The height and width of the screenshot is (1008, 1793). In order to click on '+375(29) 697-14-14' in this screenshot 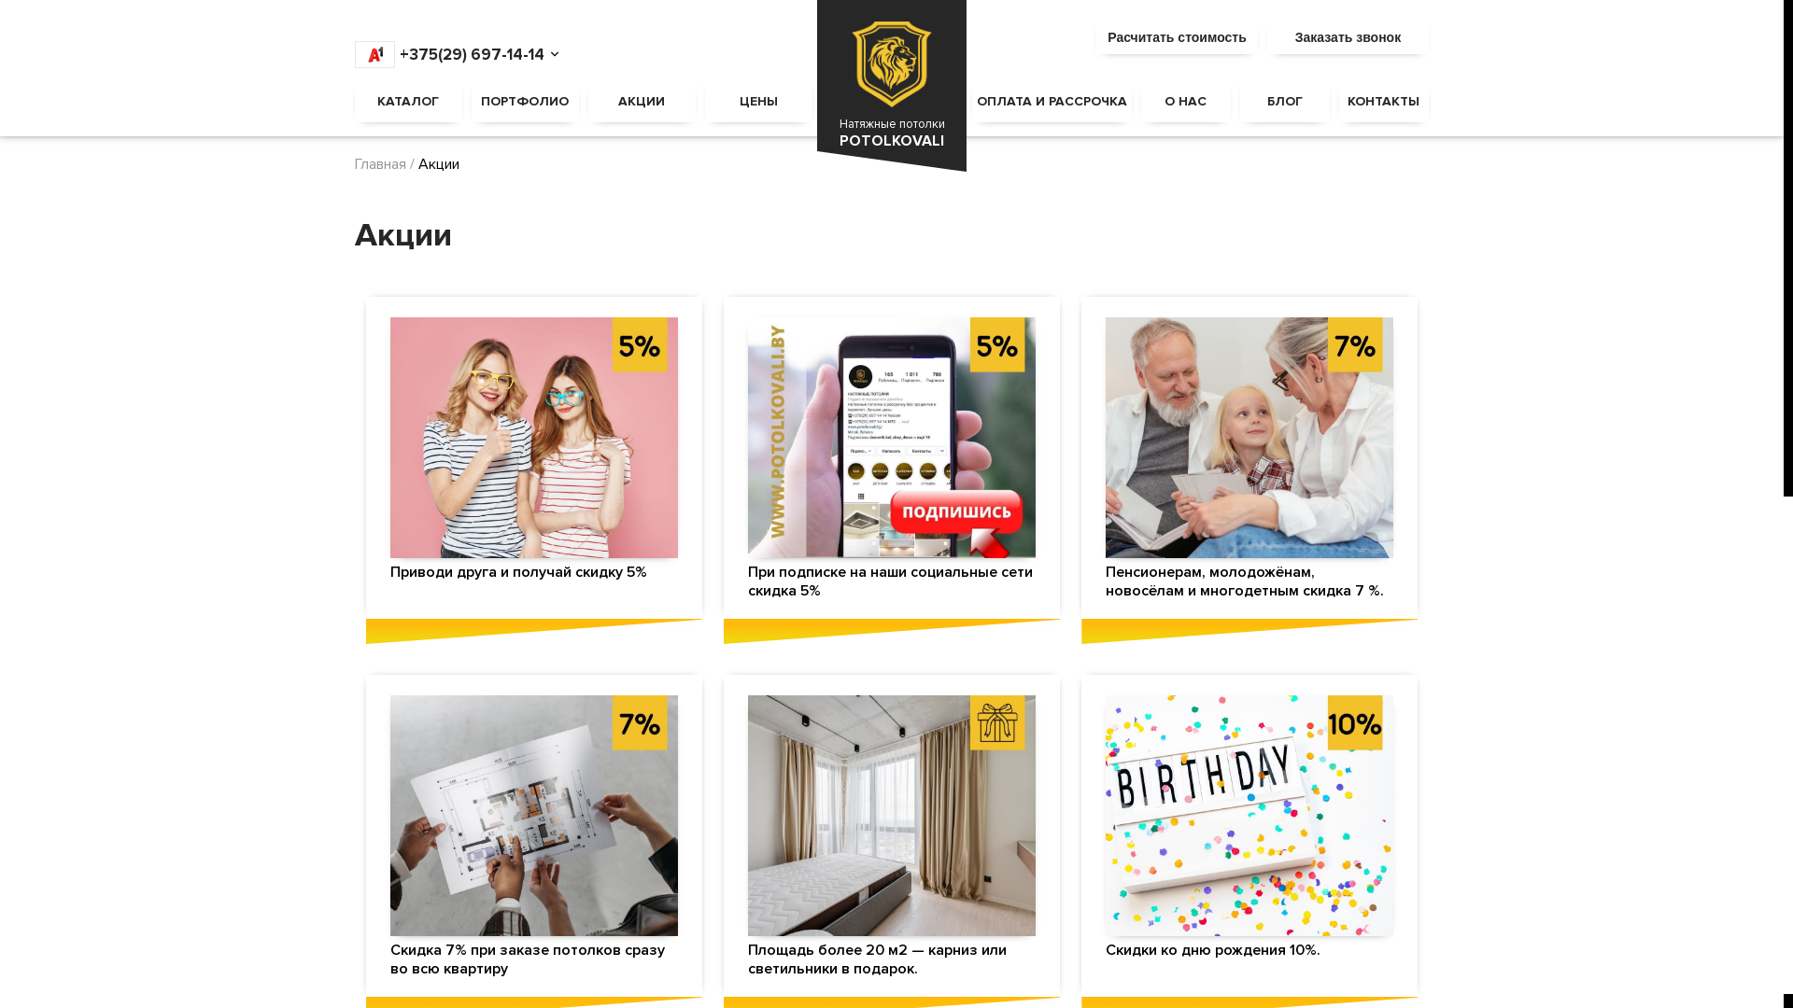, I will do `click(449, 53)`.